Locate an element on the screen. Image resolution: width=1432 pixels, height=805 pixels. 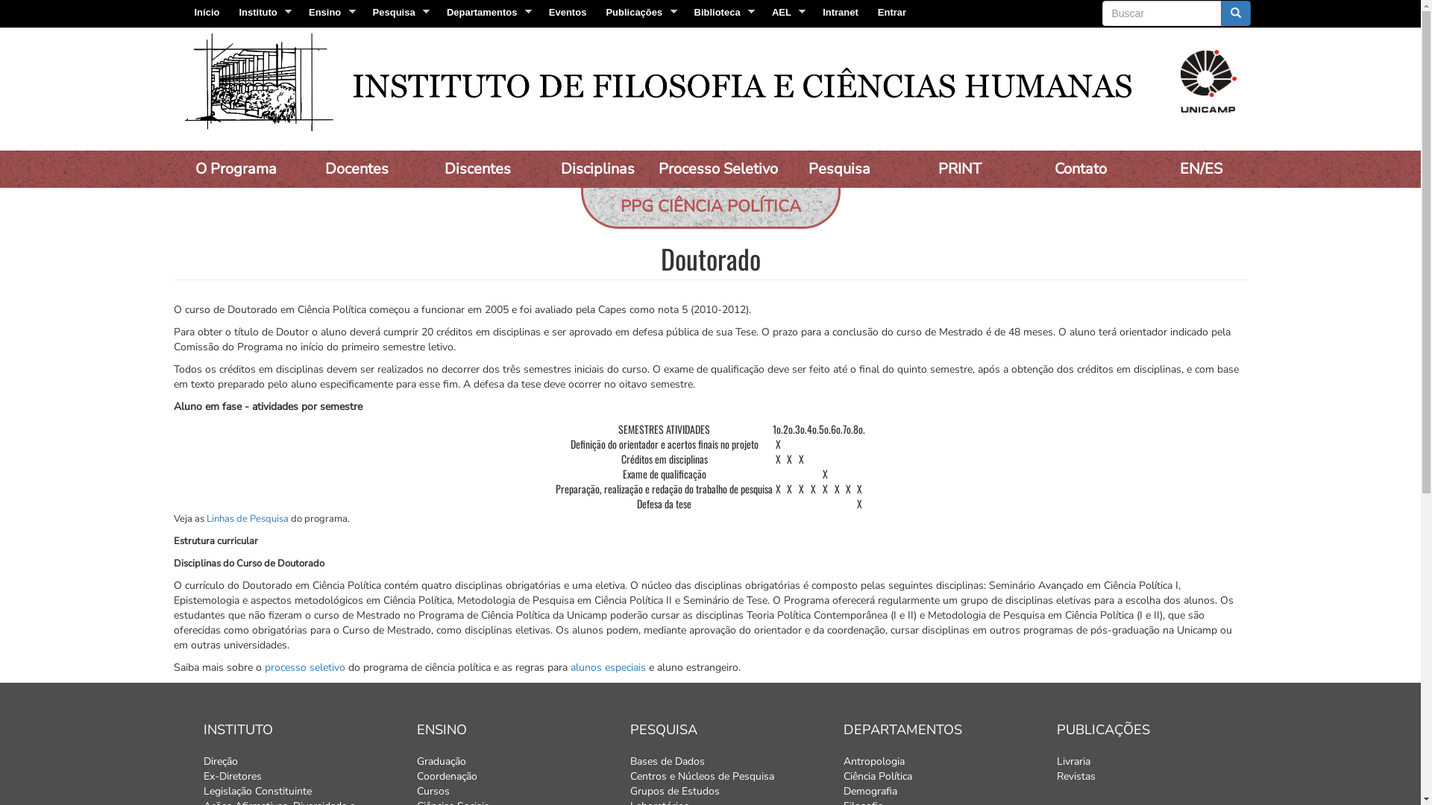
'Linhas de Pesquisa' is located at coordinates (247, 517).